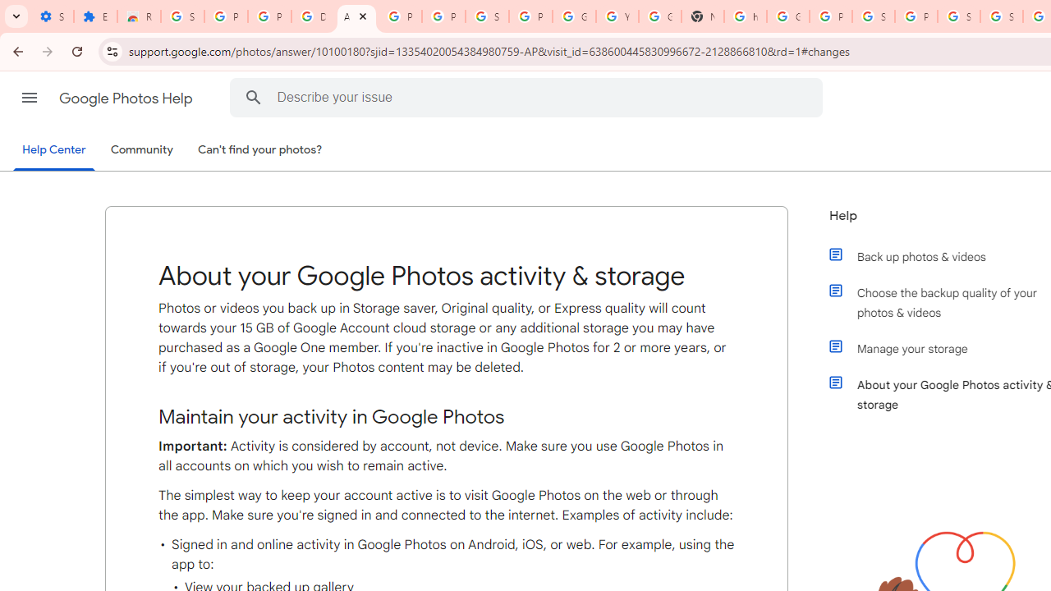  Describe the element at coordinates (141, 150) in the screenshot. I see `'Community'` at that location.